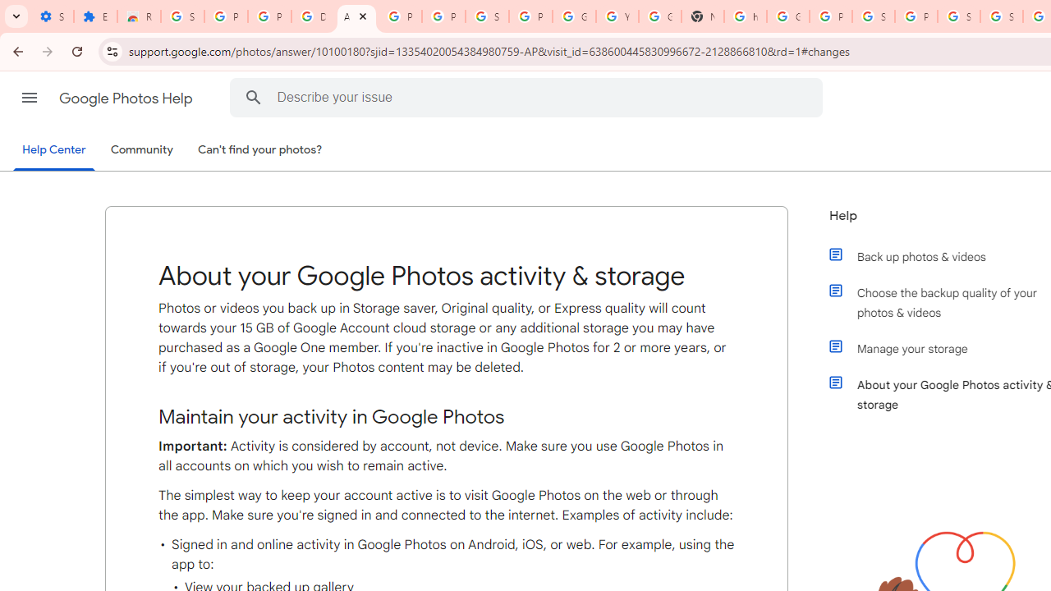  Describe the element at coordinates (141, 150) in the screenshot. I see `'Community'` at that location.